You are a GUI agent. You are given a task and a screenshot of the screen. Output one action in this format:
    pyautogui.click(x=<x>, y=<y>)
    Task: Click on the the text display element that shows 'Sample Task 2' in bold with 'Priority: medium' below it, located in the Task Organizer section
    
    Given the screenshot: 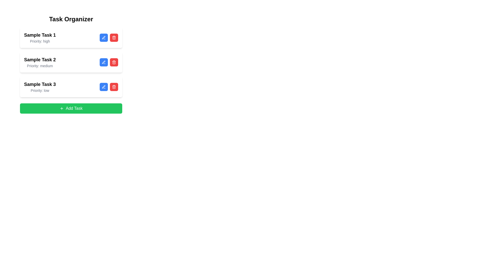 What is the action you would take?
    pyautogui.click(x=39, y=62)
    